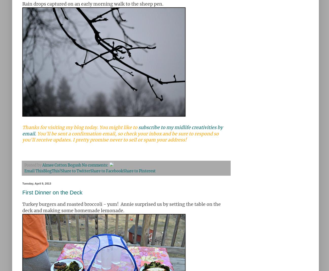 The width and height of the screenshot is (329, 271). I want to click on 'BlogThis!', so click(52, 171).